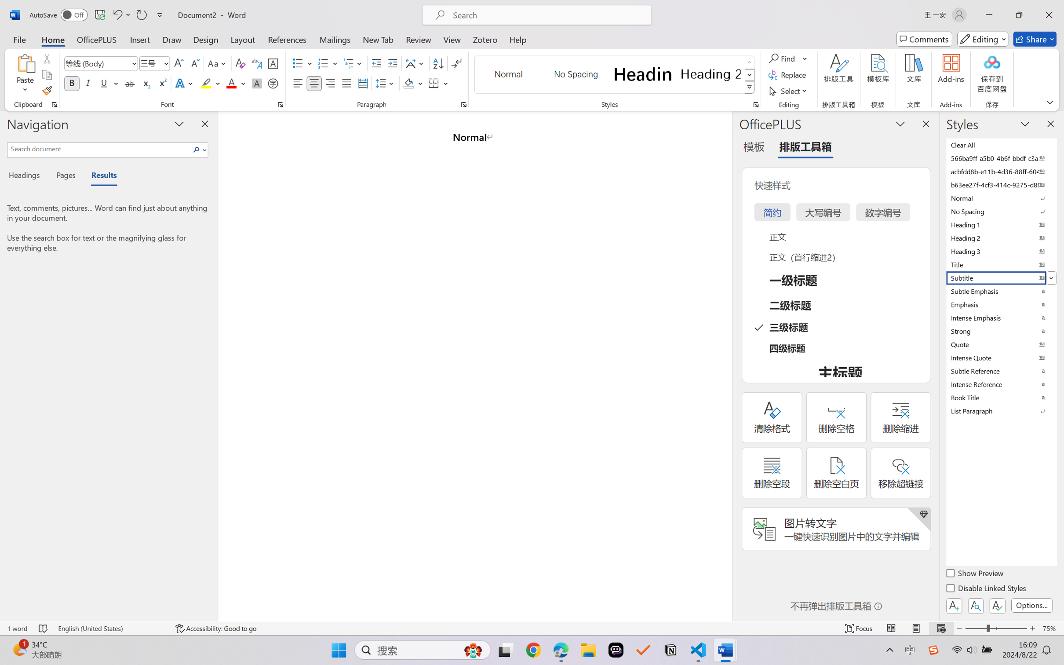 The height and width of the screenshot is (665, 1064). Describe the element at coordinates (141, 15) in the screenshot. I see `'Repeat Style'` at that location.